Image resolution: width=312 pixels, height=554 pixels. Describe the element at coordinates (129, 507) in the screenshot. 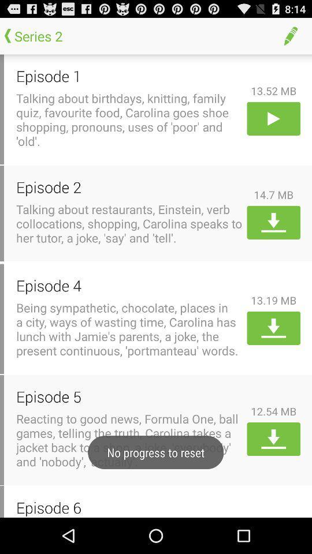

I see `the app below the reacting to good item` at that location.